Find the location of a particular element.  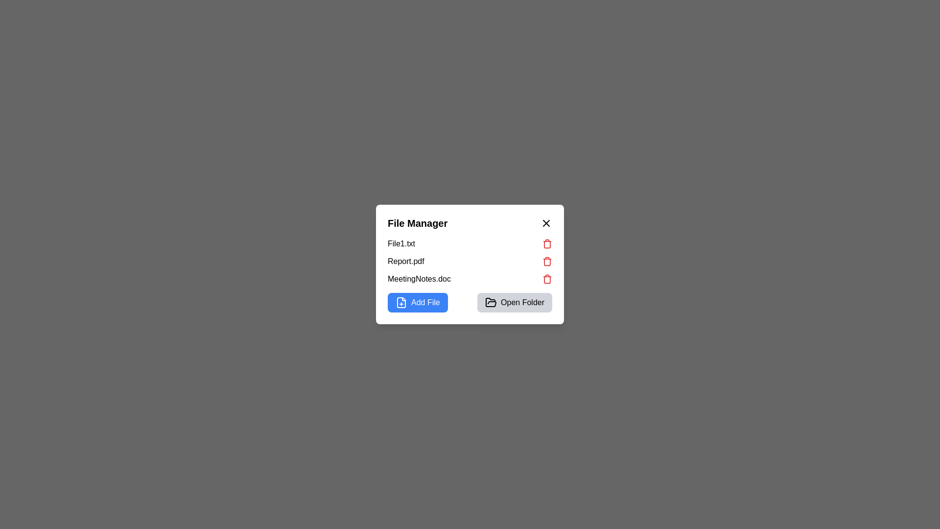

the text label displaying 'File1.txt', which is the first item in the list under the 'File Manager' header is located at coordinates (401, 243).